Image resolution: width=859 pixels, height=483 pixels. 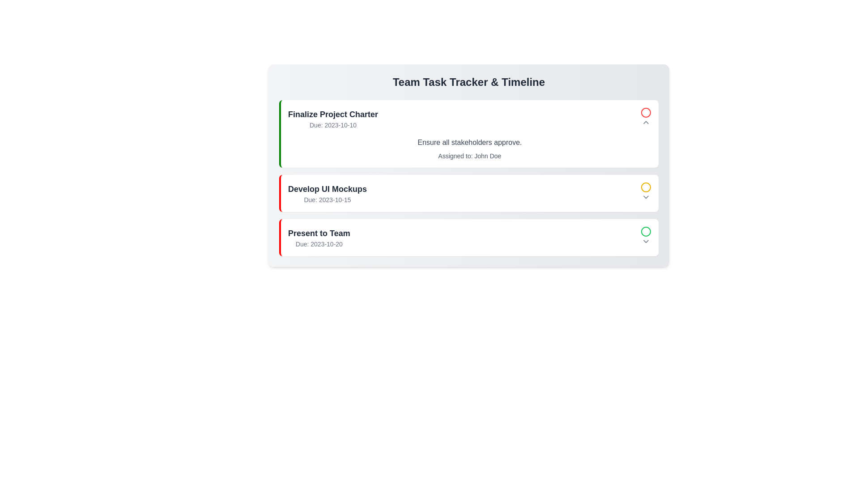 I want to click on the first task card in the task tracker that displays the task's title, due date, description, and assignee, positioned above the 'Develop UI Mockups' and 'Present to Team' cards, so click(x=468, y=134).